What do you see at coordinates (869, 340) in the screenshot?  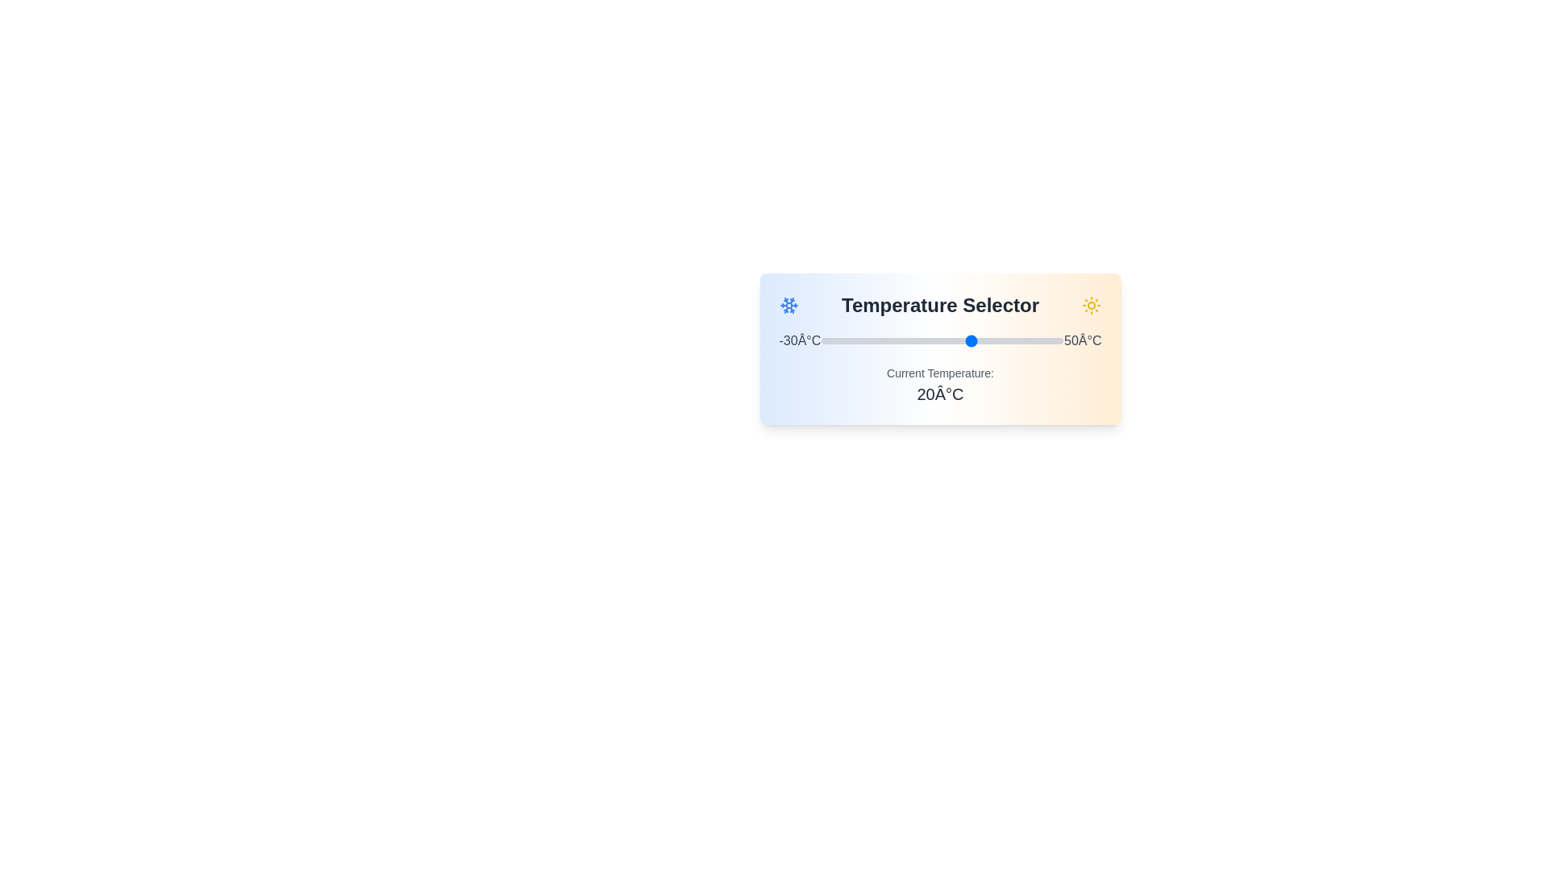 I see `the temperature` at bounding box center [869, 340].